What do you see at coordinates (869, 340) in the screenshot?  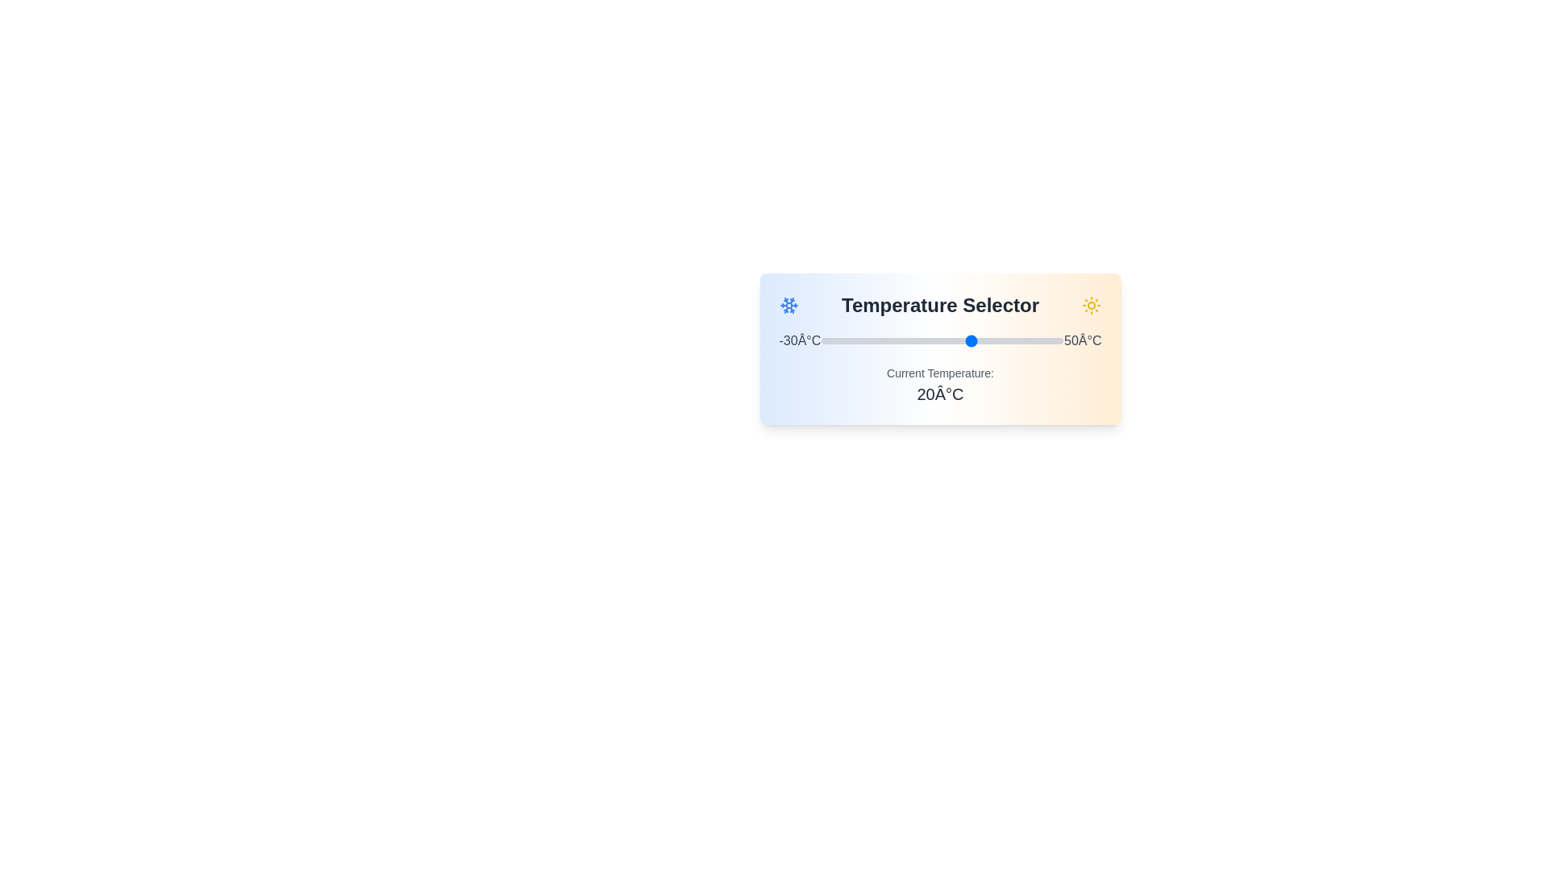 I see `the temperature` at bounding box center [869, 340].